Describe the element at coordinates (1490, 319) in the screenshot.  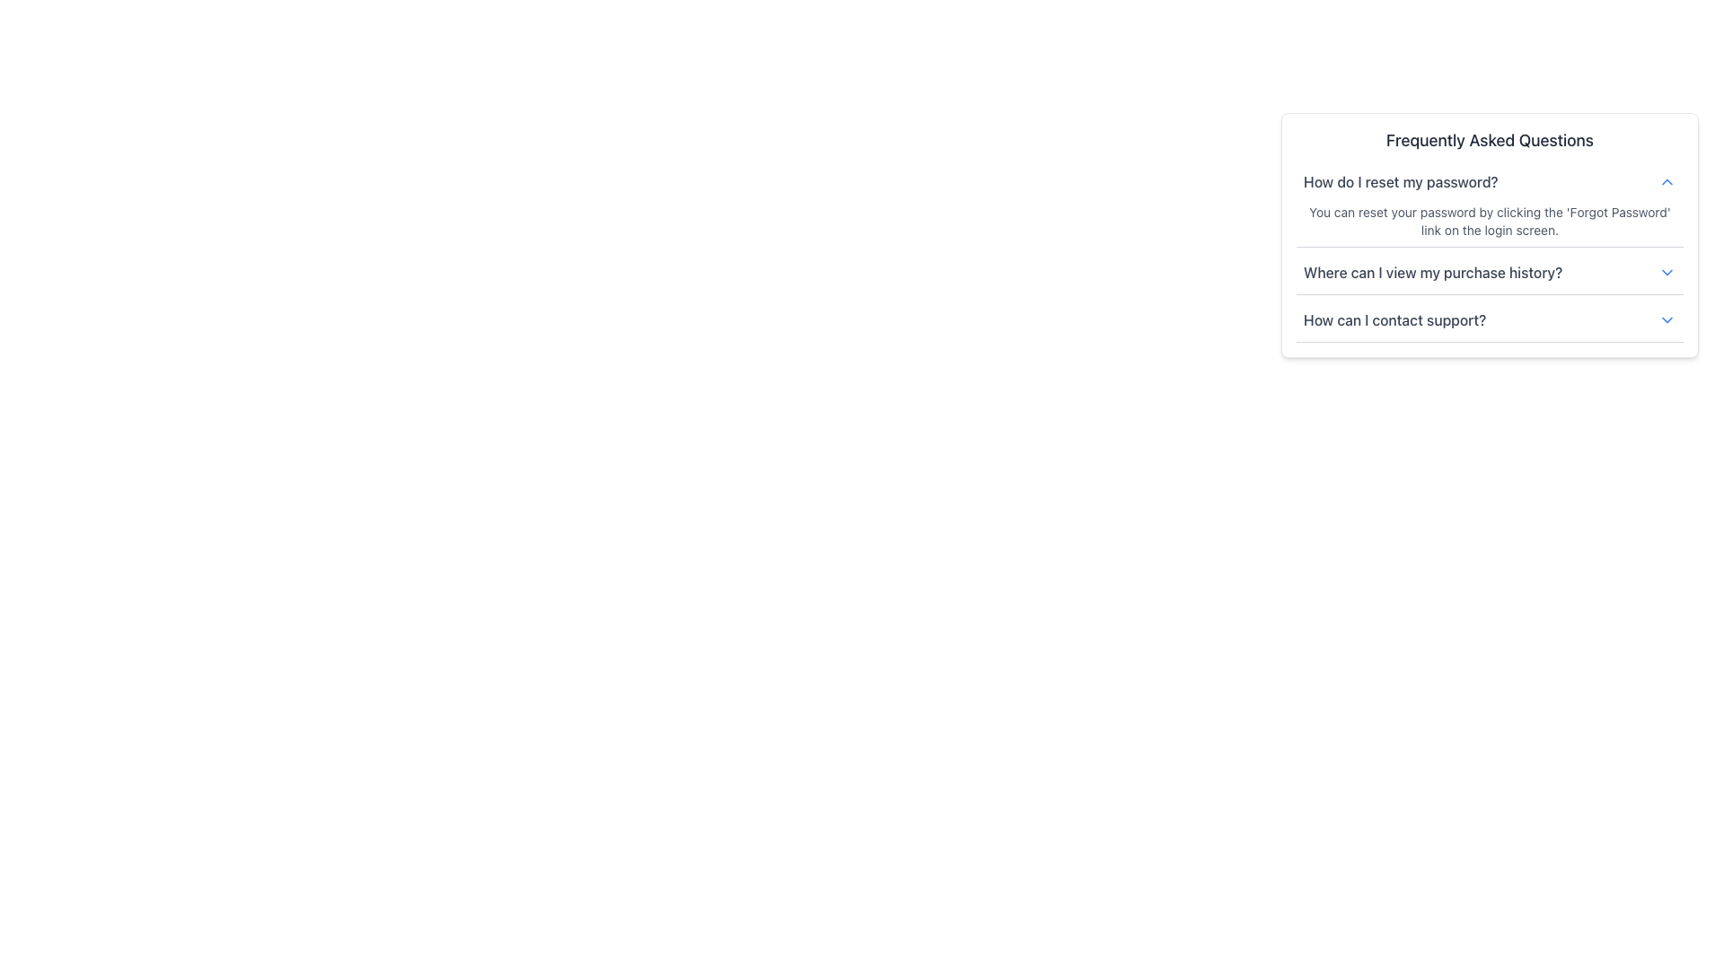
I see `the Interactive FAQ question item stating 'How can I contact support?'` at that location.